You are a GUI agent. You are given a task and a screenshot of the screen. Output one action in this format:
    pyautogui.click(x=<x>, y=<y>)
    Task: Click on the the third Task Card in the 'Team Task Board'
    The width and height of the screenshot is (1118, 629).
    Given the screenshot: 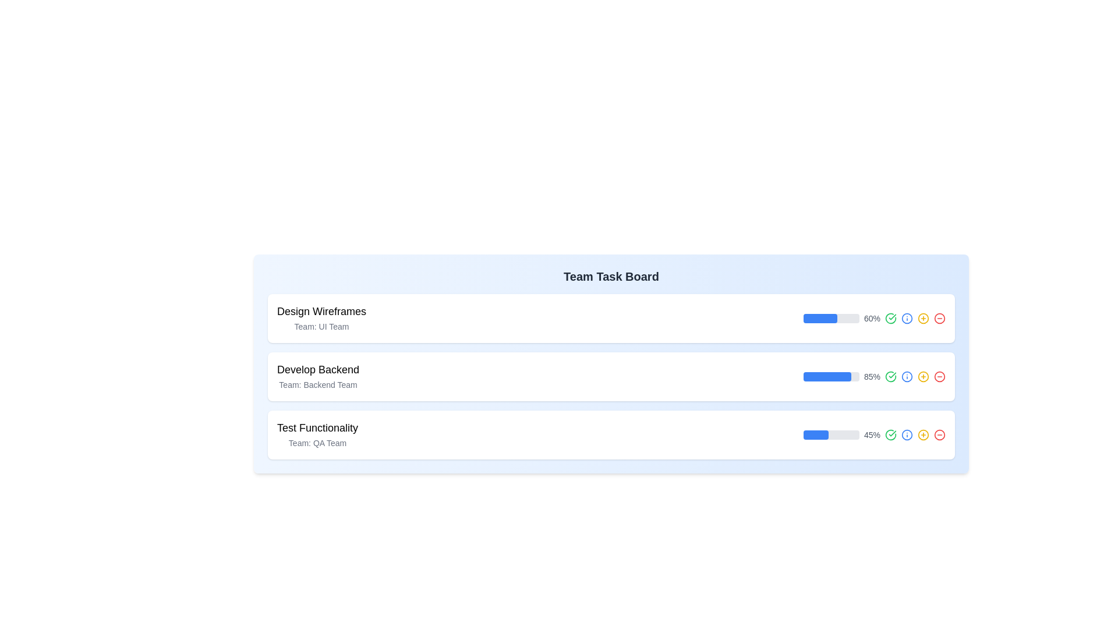 What is the action you would take?
    pyautogui.click(x=611, y=435)
    